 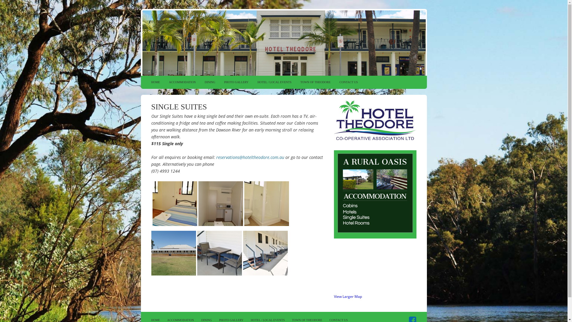 I want to click on 'HOME', so click(x=156, y=320).